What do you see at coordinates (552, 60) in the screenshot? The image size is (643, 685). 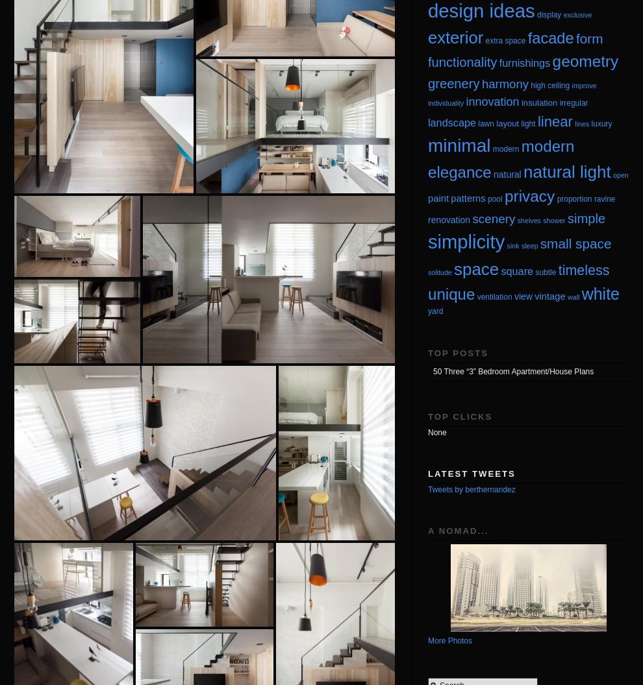 I see `'geometry'` at bounding box center [552, 60].